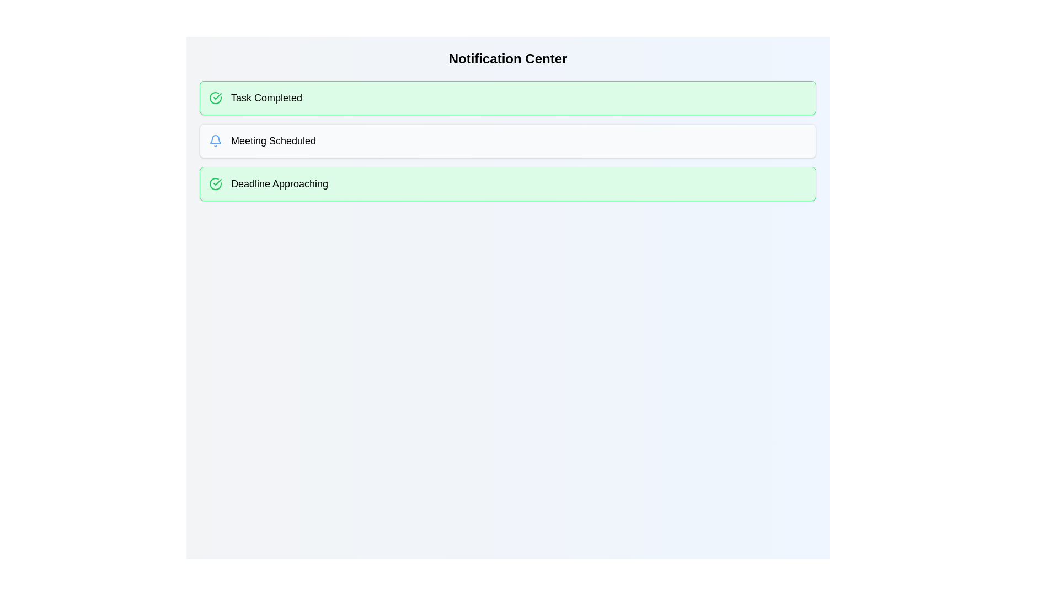 The height and width of the screenshot is (595, 1059). Describe the element at coordinates (507, 97) in the screenshot. I see `the notification chip labeled 'Task Completed' by clicking on it` at that location.